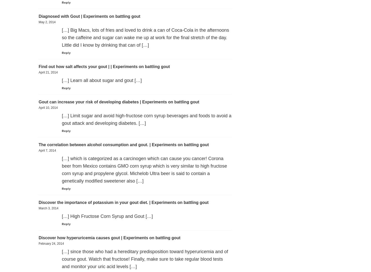  I want to click on 'The correlation between alcohol consumption and gout. | Experiments on battling gout', so click(38, 144).